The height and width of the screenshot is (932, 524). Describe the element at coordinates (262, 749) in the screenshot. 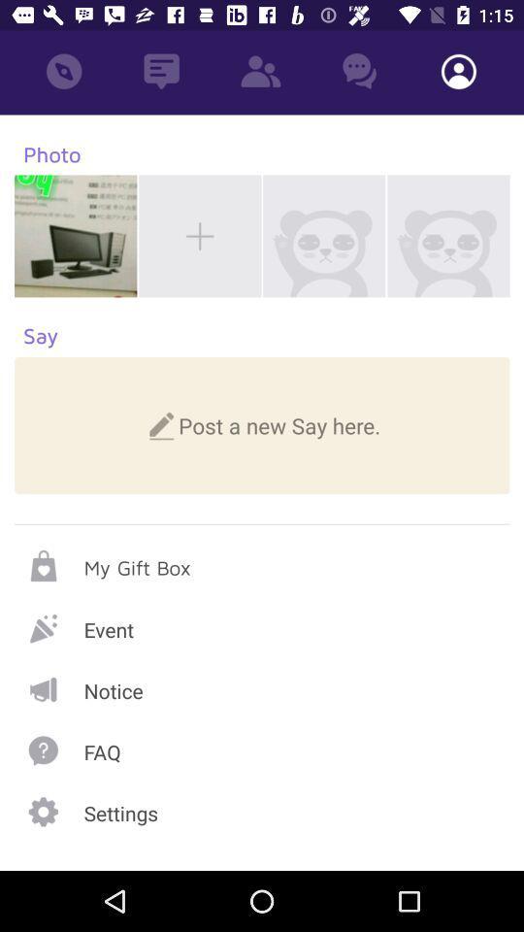

I see `frequently asked questions` at that location.